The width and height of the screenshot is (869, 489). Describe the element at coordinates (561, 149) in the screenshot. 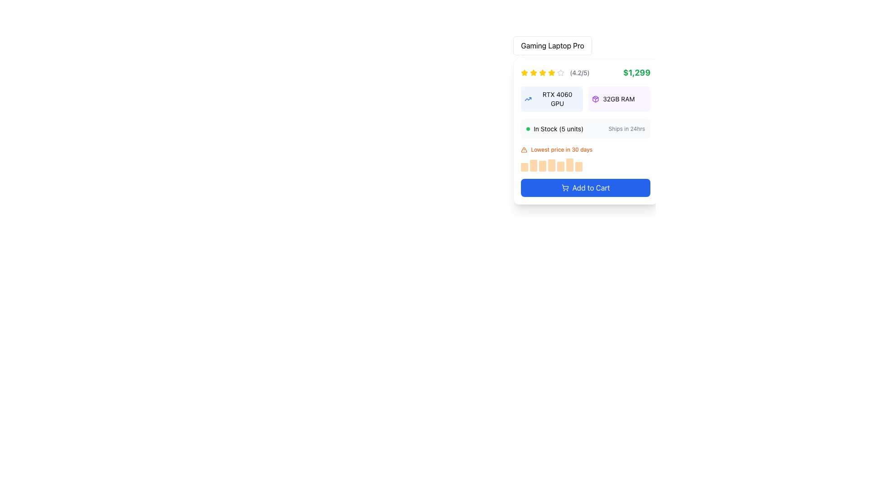

I see `text content of the label displaying 'Lowest price in 30 days', which is styled in orange and located centrally within its card layout` at that location.